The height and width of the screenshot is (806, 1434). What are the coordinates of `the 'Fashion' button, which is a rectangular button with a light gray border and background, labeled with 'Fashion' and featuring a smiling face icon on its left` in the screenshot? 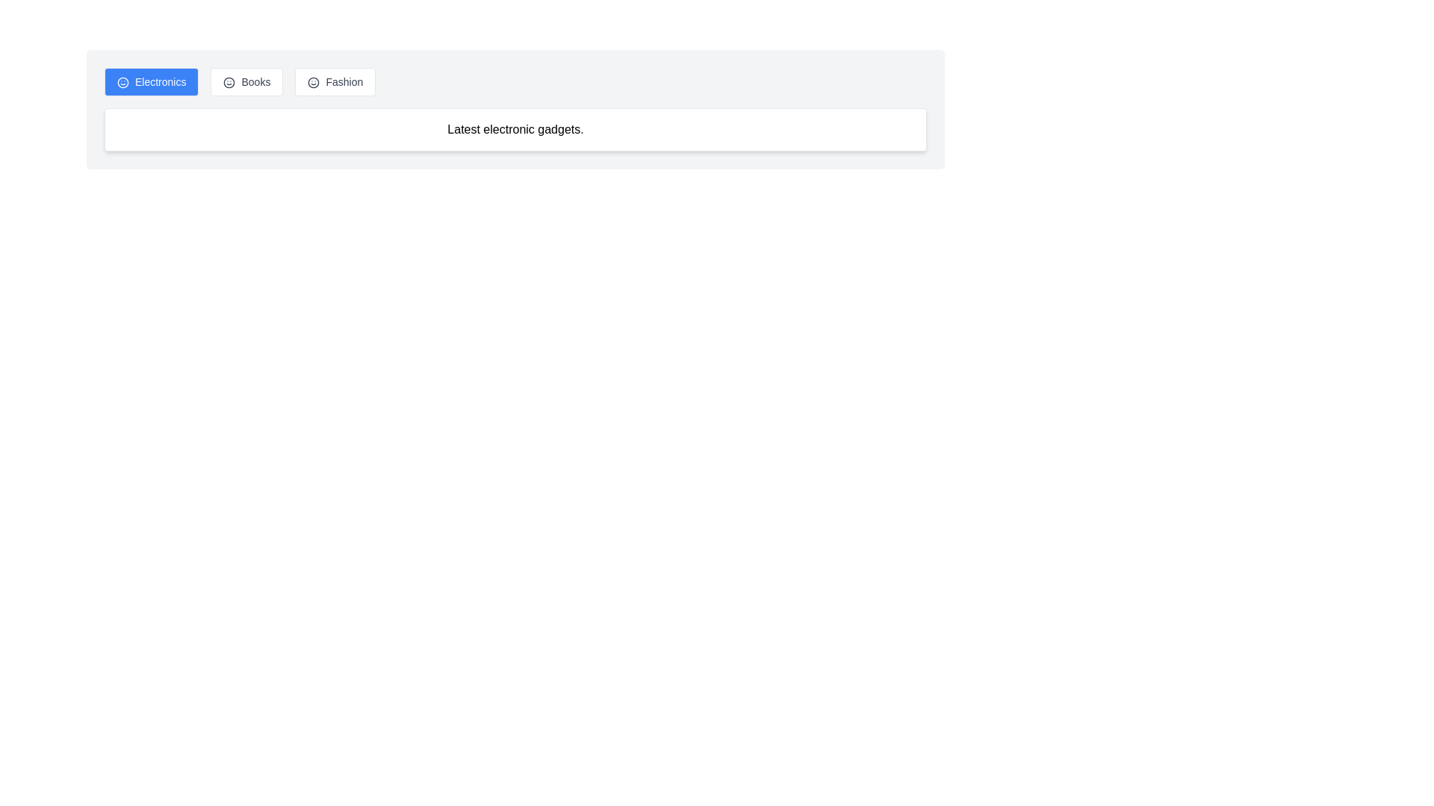 It's located at (335, 82).